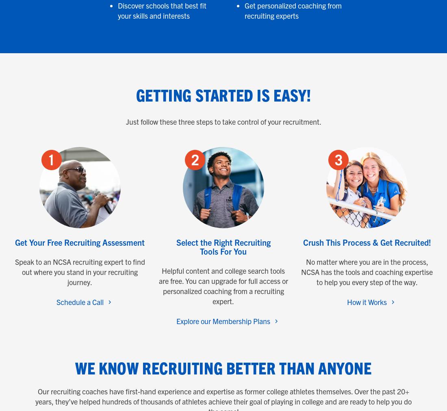 Image resolution: width=447 pixels, height=411 pixels. Describe the element at coordinates (75, 368) in the screenshot. I see `'We Know Recruiting Better Than Anyone'` at that location.